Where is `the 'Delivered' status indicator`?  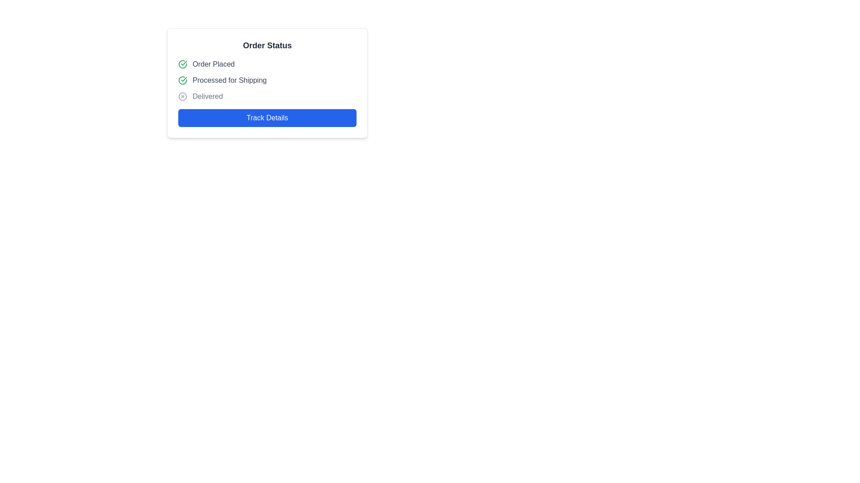 the 'Delivered' status indicator is located at coordinates (267, 97).